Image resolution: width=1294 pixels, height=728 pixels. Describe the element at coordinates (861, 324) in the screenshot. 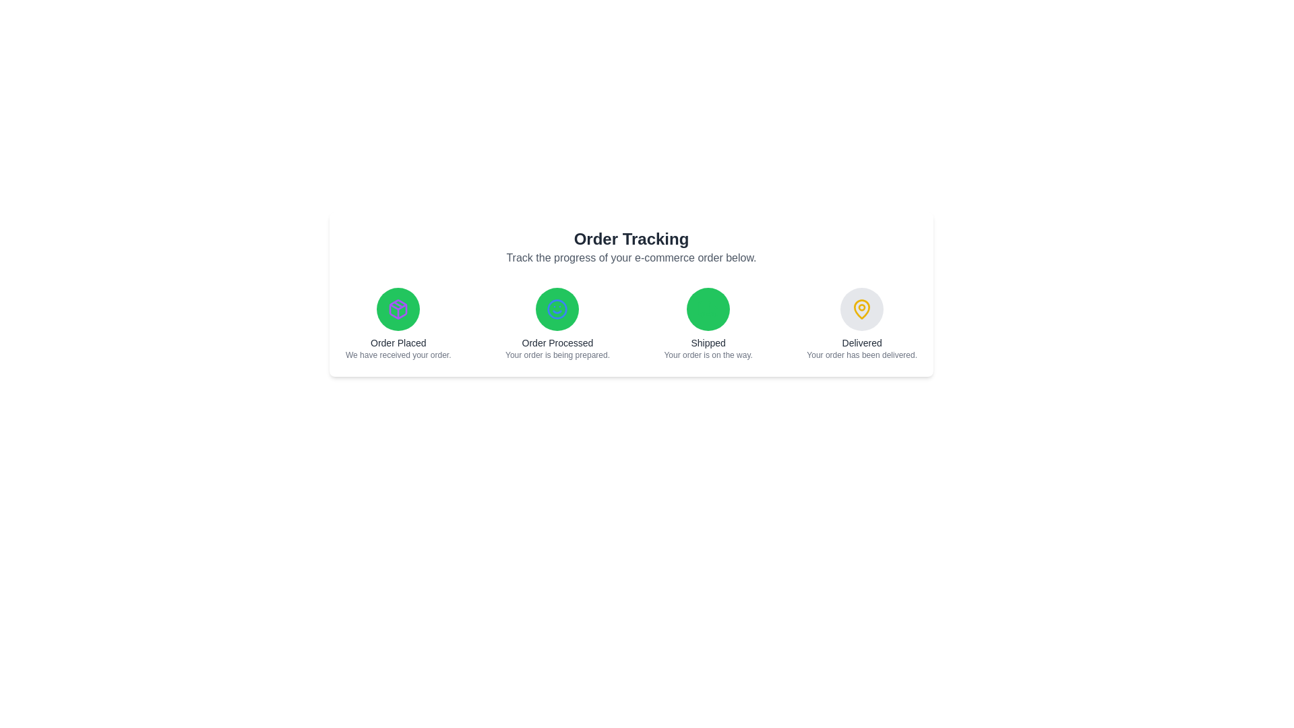

I see `the delivery status by interacting with the fourth step indicator in the progress tracker, which shows 'Delivered' and a map pin symbol` at that location.